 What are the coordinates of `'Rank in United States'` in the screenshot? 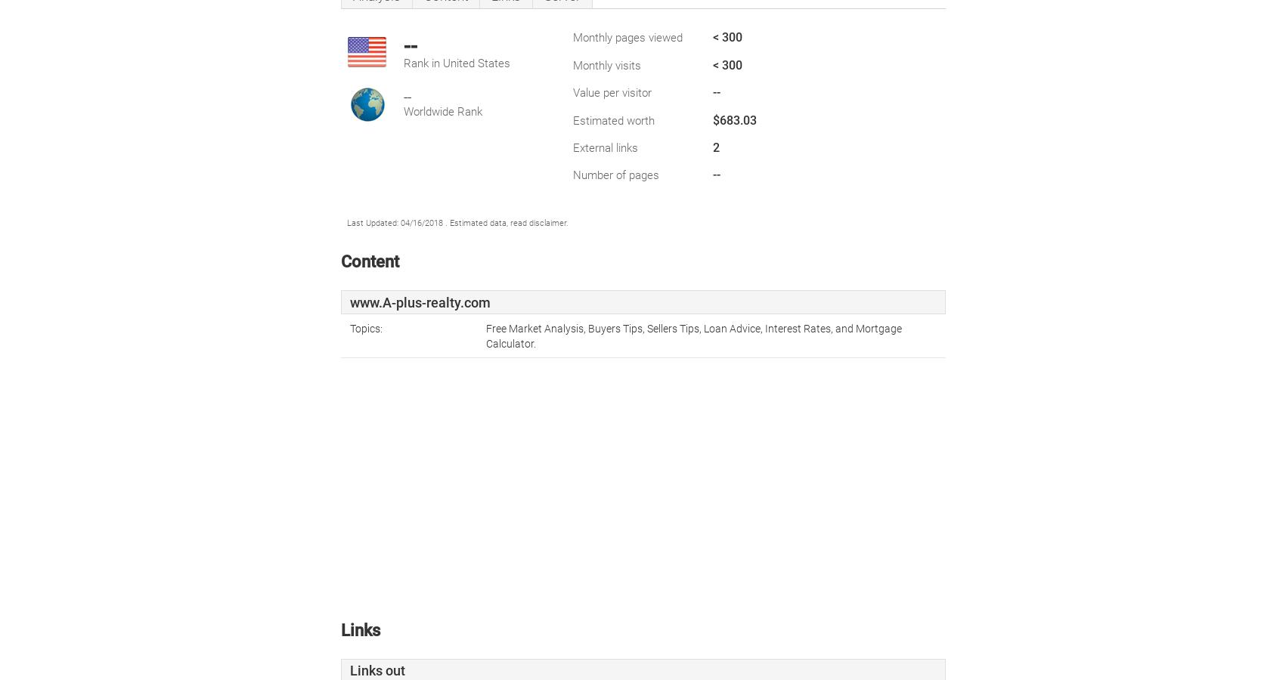 It's located at (456, 61).